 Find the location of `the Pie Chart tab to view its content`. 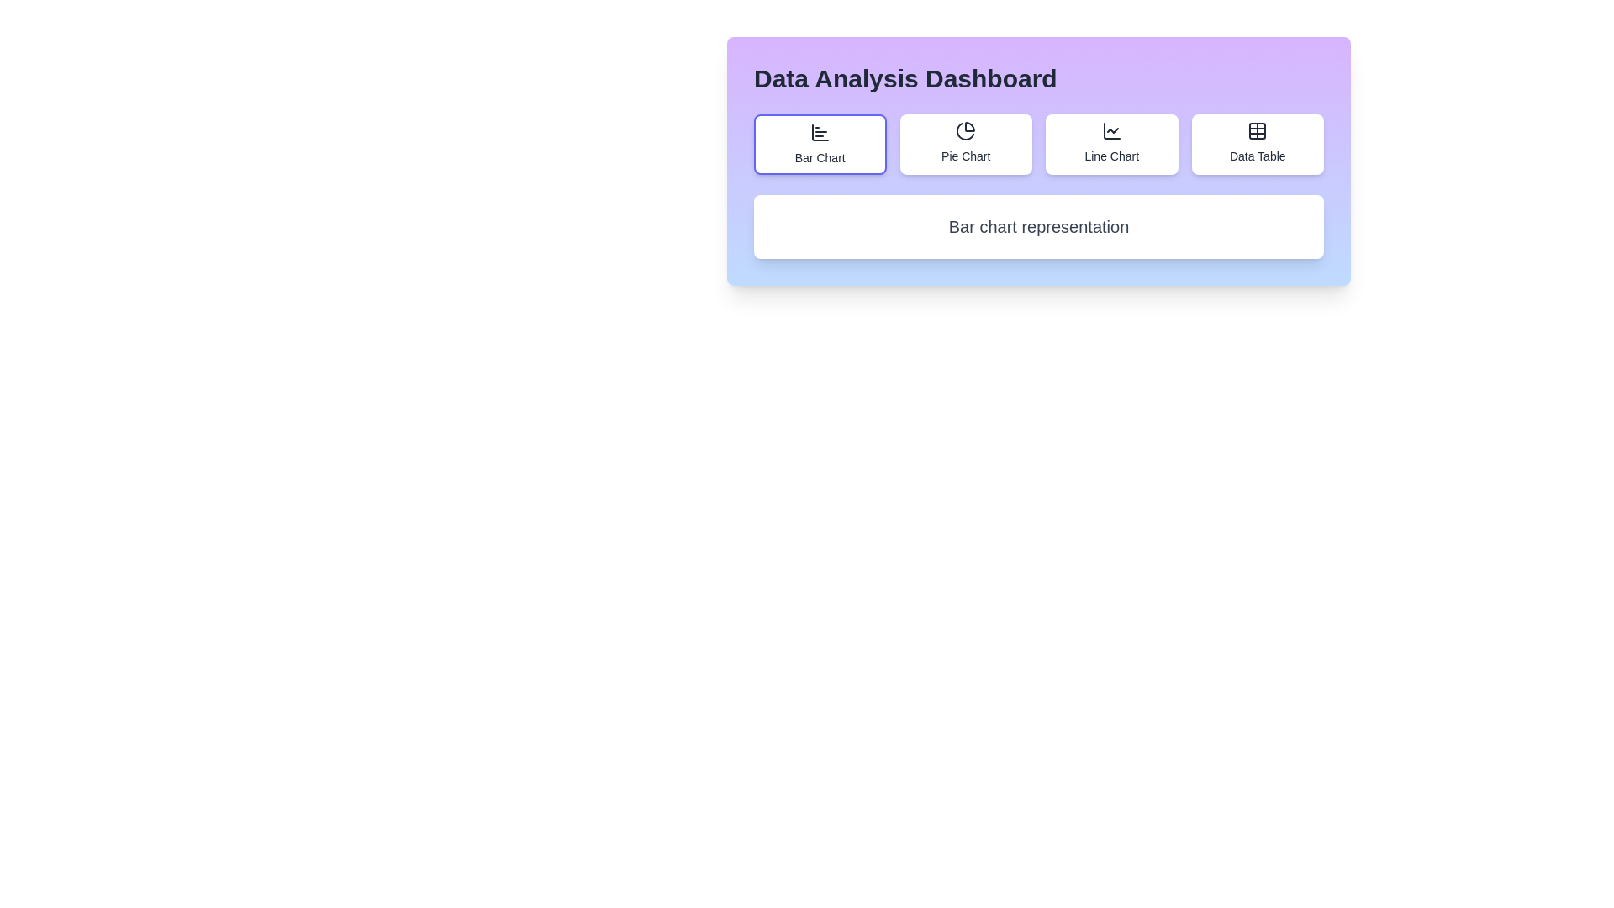

the Pie Chart tab to view its content is located at coordinates (966, 144).